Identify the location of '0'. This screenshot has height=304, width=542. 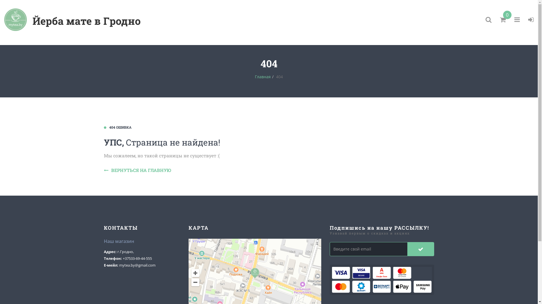
(500, 19).